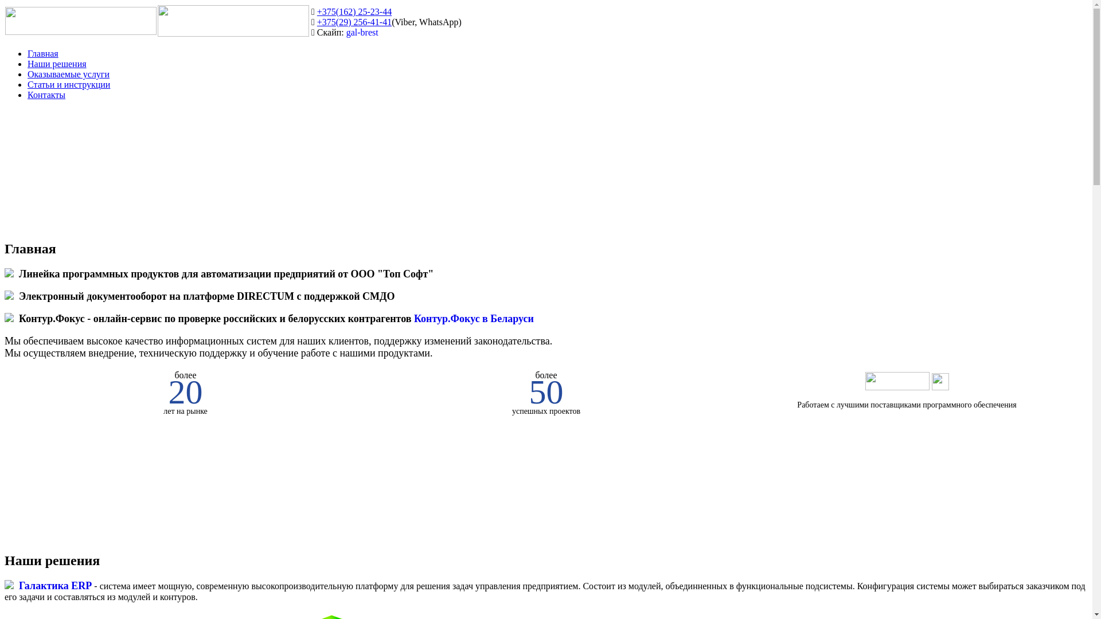  I want to click on 'gal-brest', so click(362, 32).